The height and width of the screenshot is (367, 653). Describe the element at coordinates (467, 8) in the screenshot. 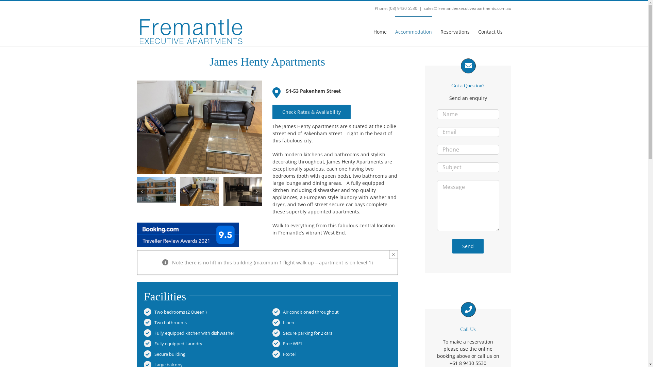

I see `'sales@fremantleexecutiveapartments.com.au'` at that location.